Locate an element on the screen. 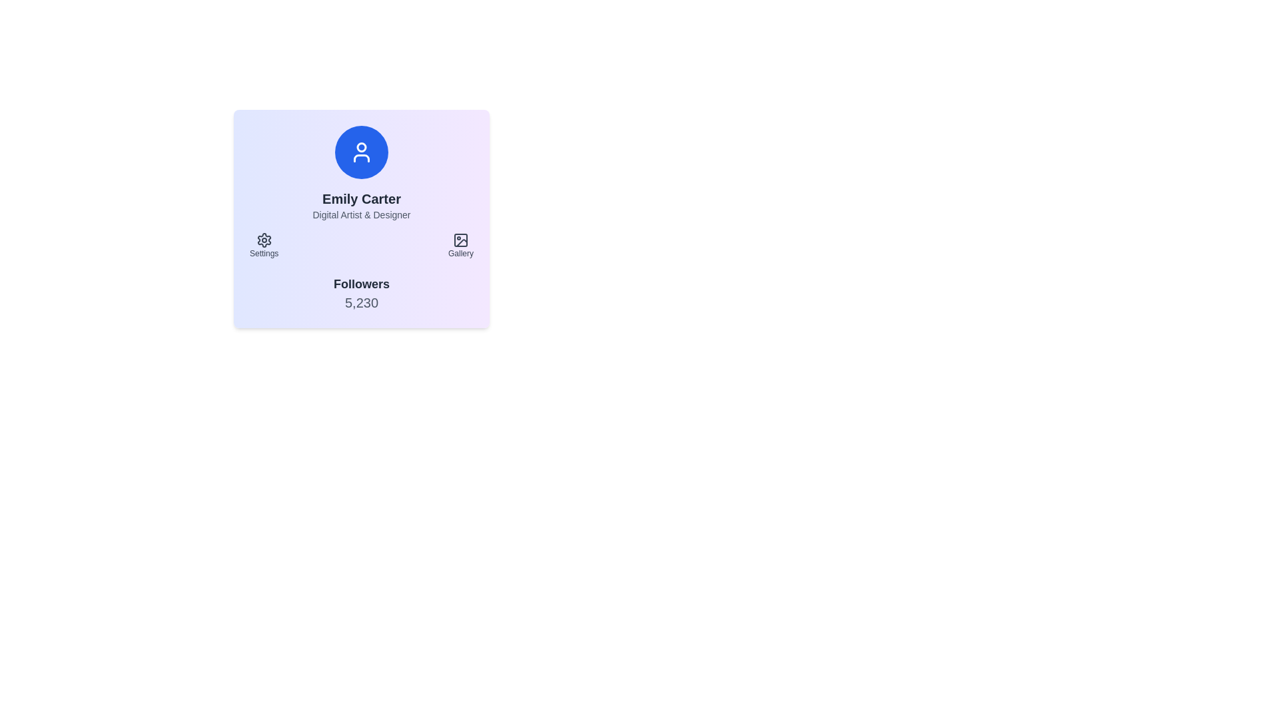 Image resolution: width=1279 pixels, height=719 pixels. the gallery icon located at the bottom right of the card layout is located at coordinates (460, 240).